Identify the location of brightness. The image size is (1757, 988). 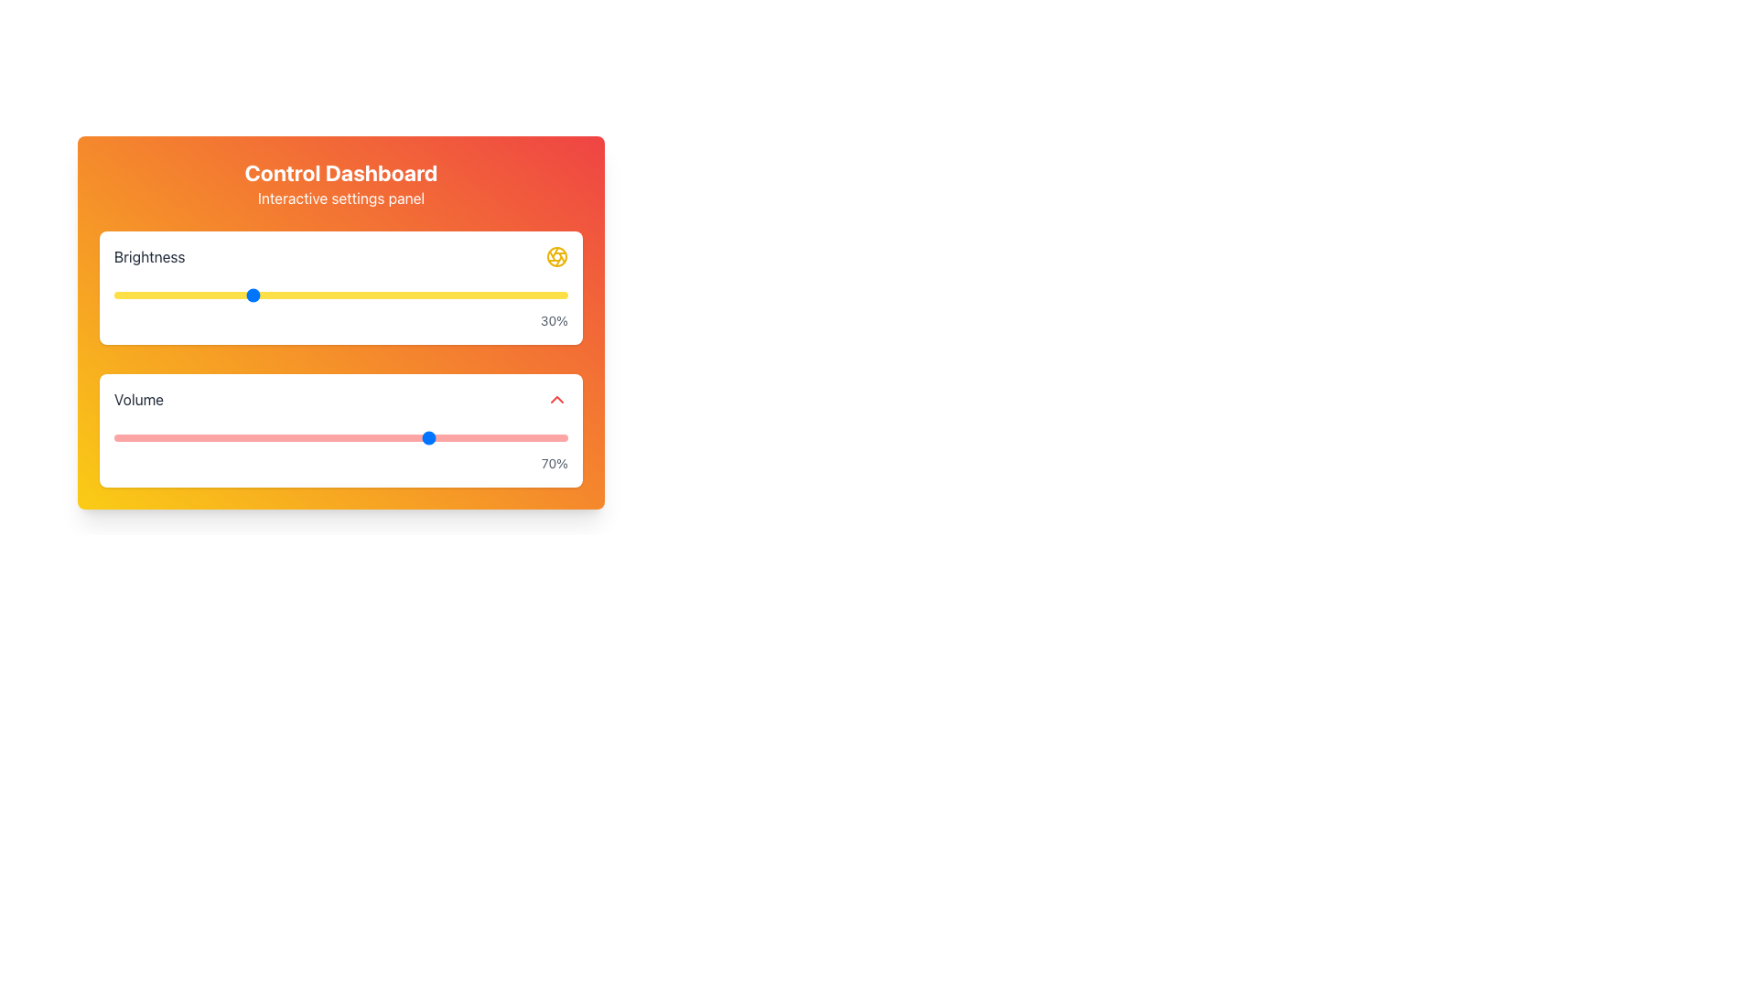
(367, 295).